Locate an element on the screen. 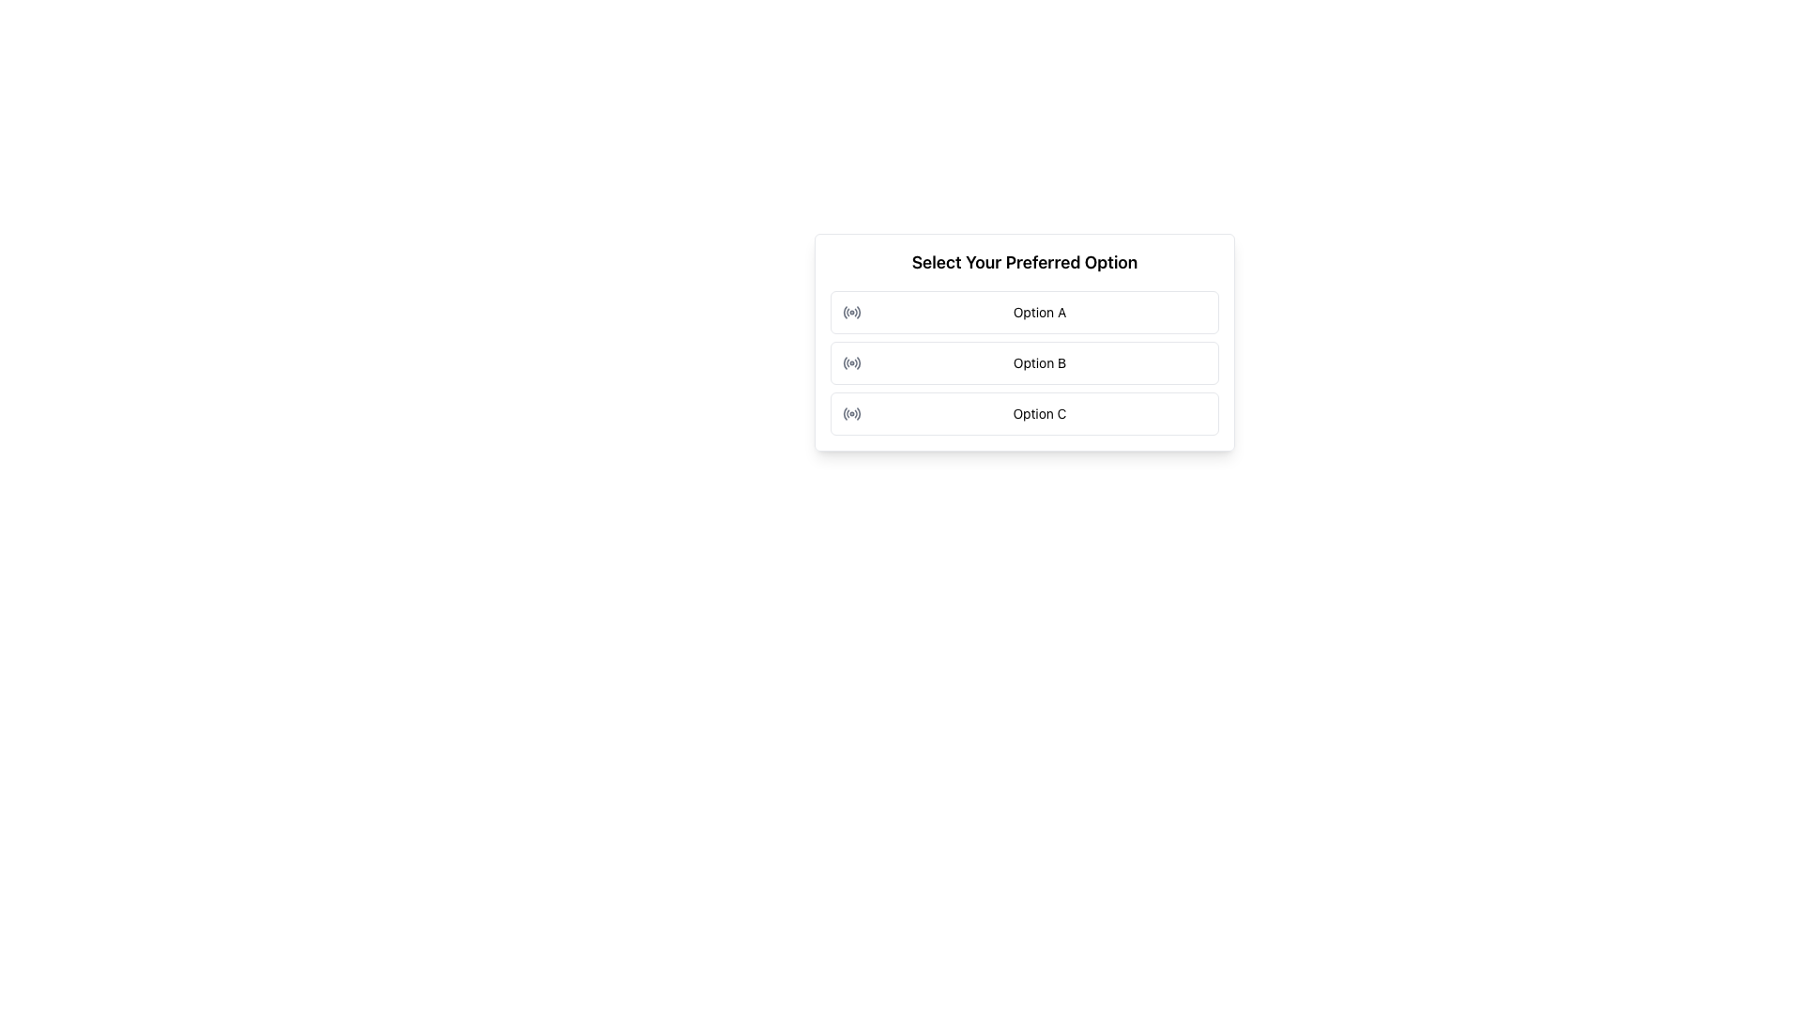 The width and height of the screenshot is (1802, 1014). the radio button adjacent to 'Option B' is located at coordinates (850, 362).